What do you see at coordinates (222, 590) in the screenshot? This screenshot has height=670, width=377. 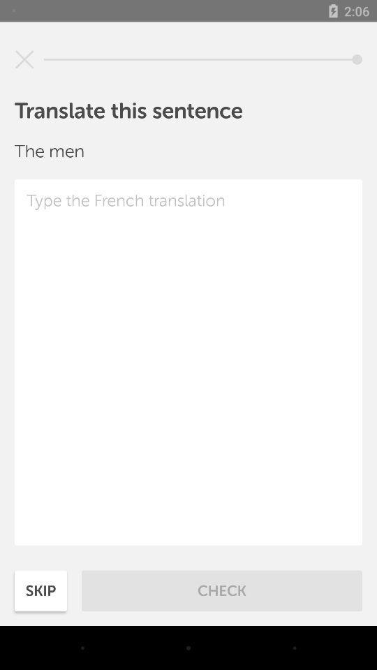 I see `icon to the right of skip item` at bounding box center [222, 590].